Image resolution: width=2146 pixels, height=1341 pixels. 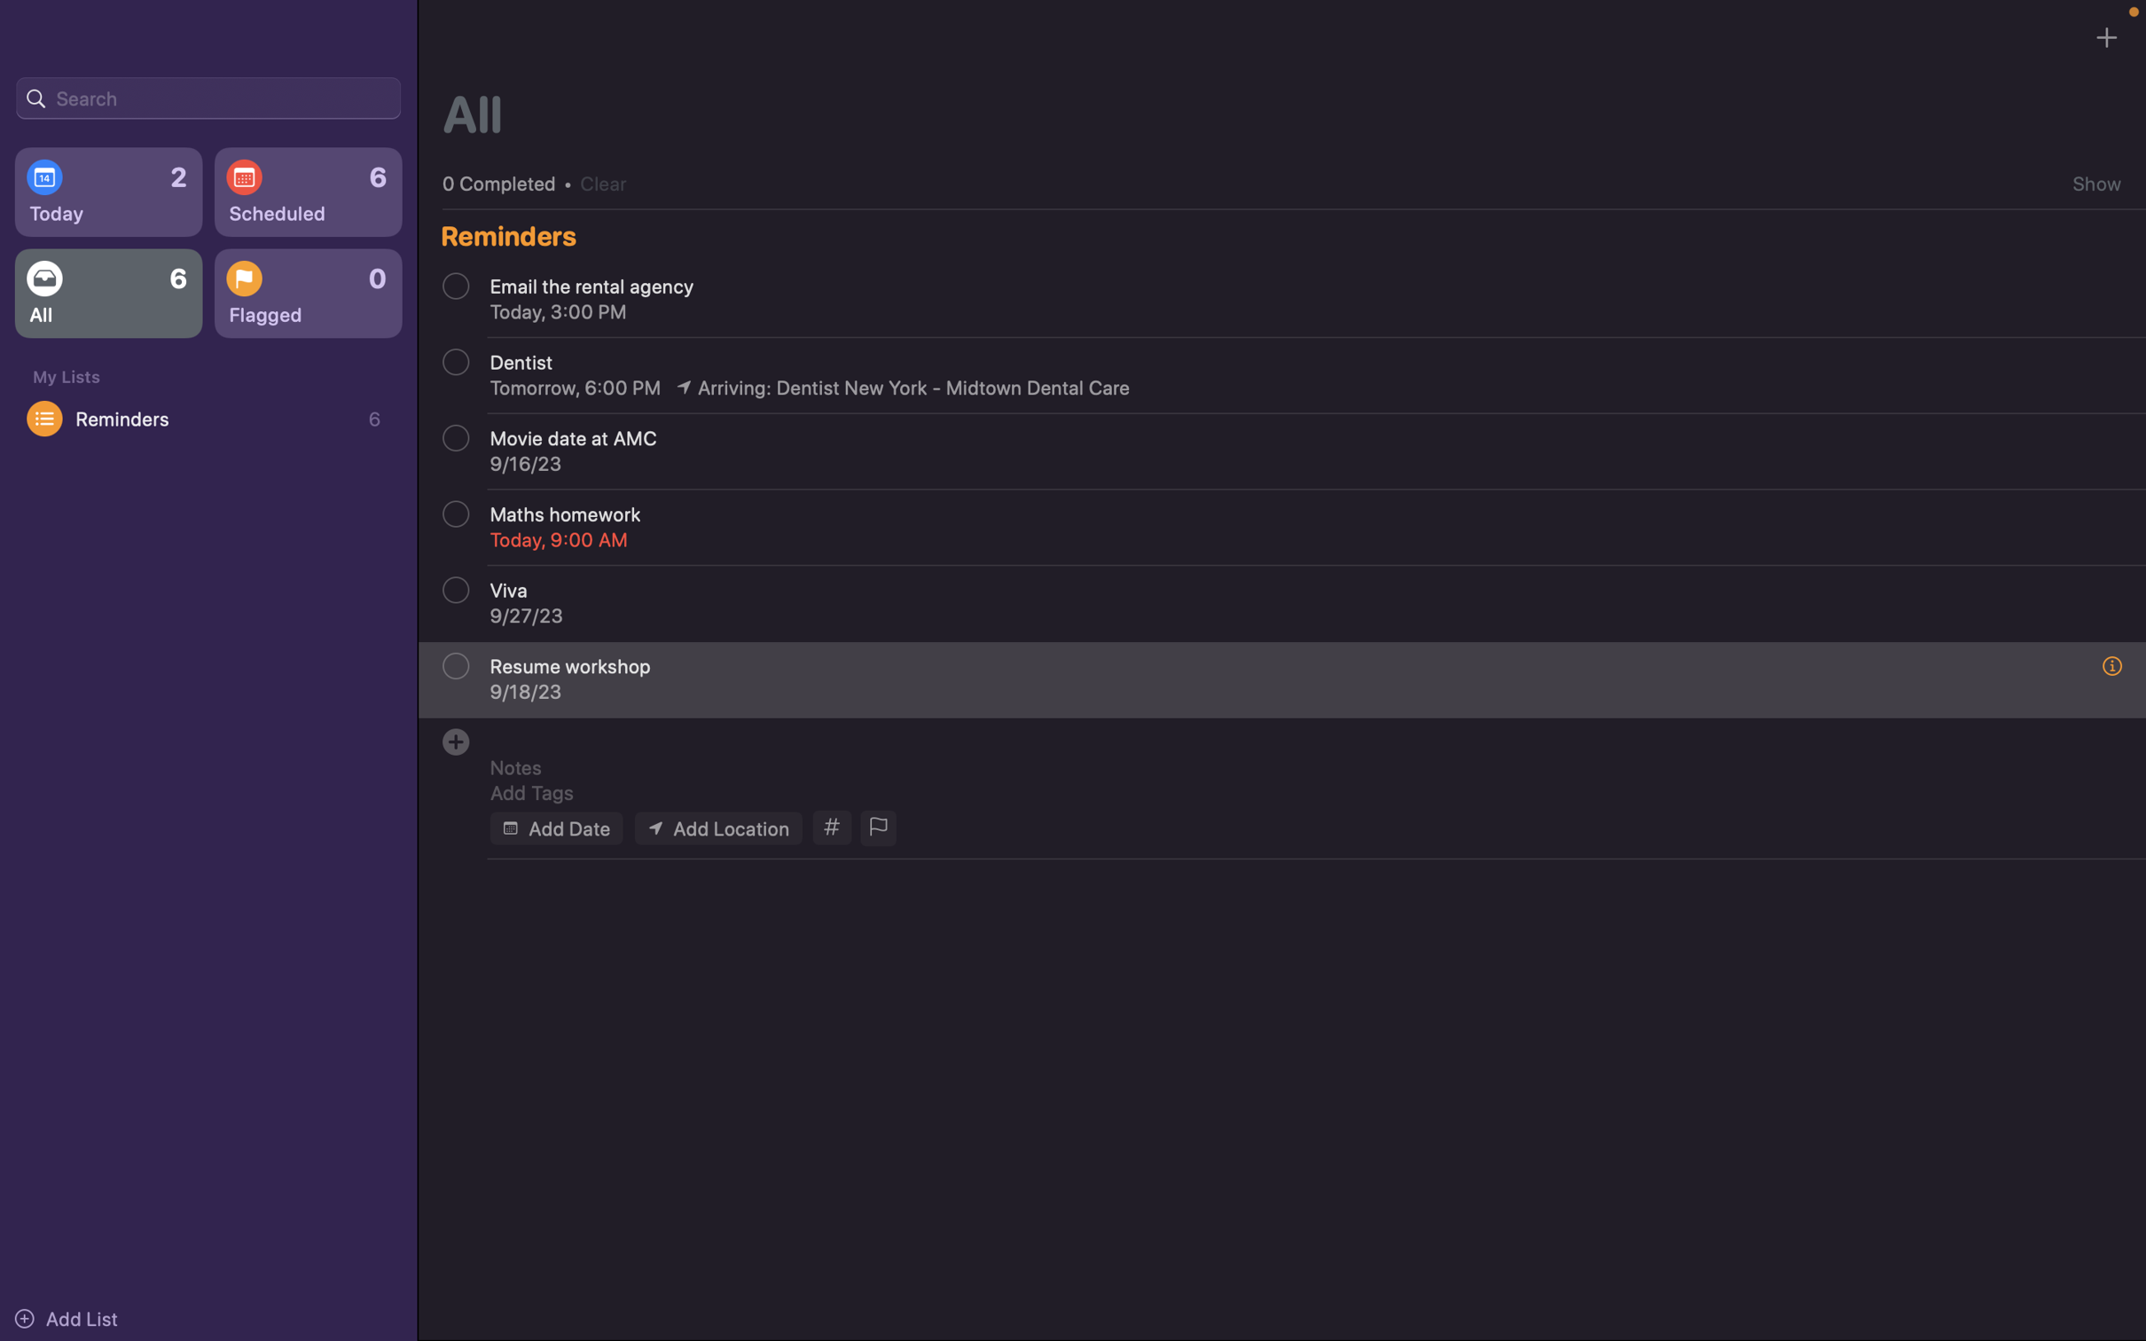 What do you see at coordinates (1291, 736) in the screenshot?
I see `Input "class recitation" in the event name field` at bounding box center [1291, 736].